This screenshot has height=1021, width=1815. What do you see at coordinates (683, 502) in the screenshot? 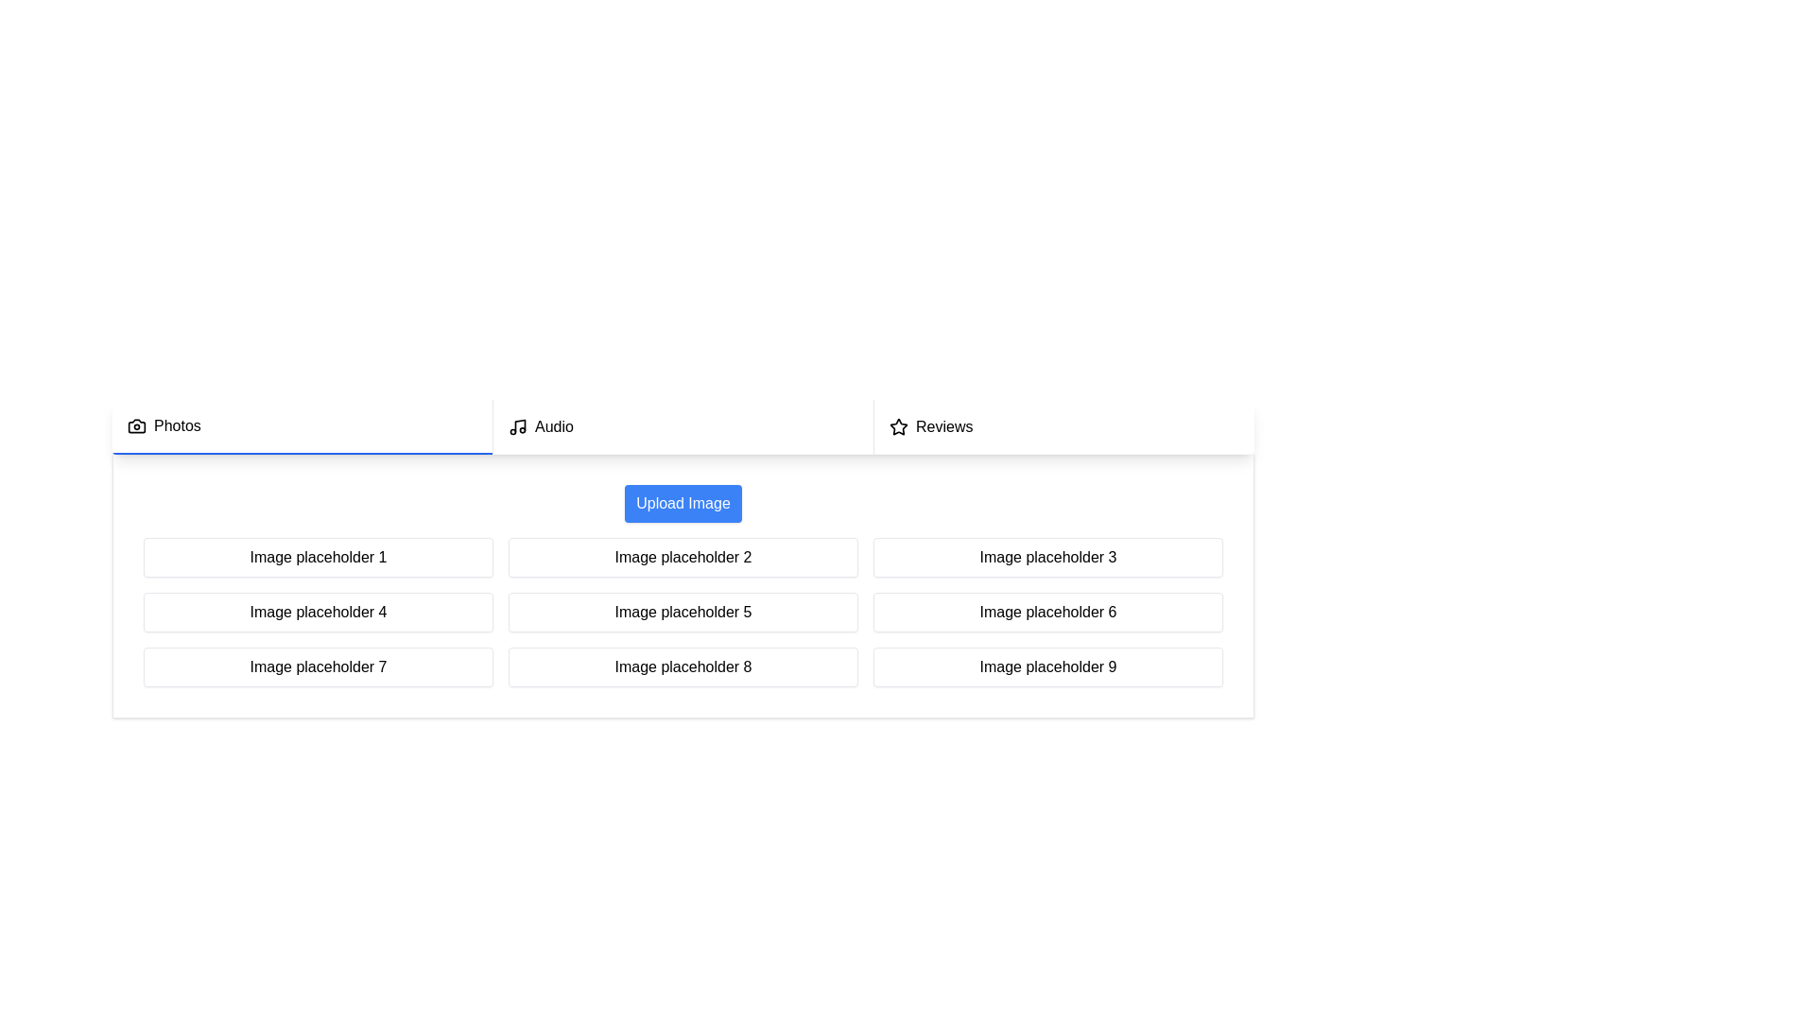
I see `the 'Upload Image' button` at bounding box center [683, 502].